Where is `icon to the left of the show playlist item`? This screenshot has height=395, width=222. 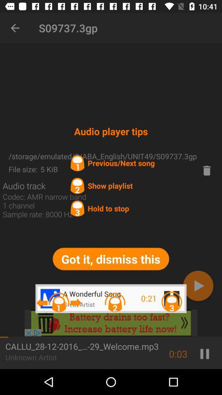 icon to the left of the show playlist item is located at coordinates (24, 186).